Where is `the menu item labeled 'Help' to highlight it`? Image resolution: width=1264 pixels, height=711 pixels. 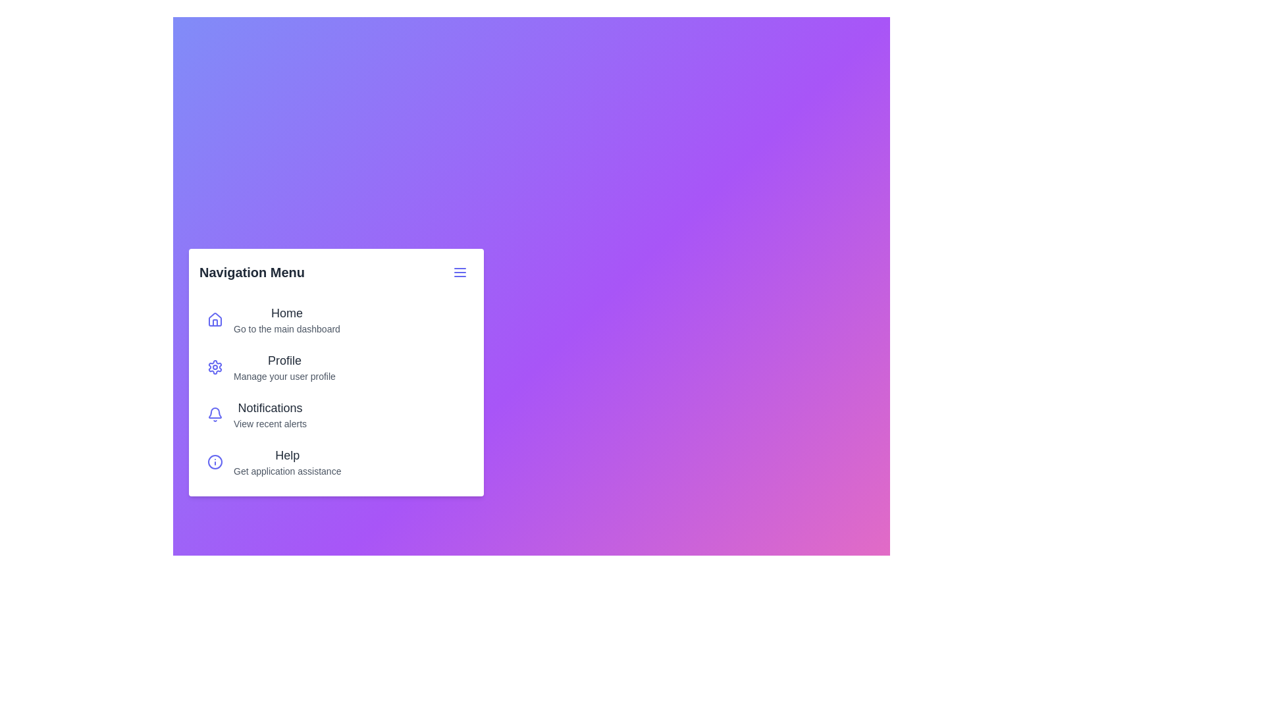
the menu item labeled 'Help' to highlight it is located at coordinates (215, 461).